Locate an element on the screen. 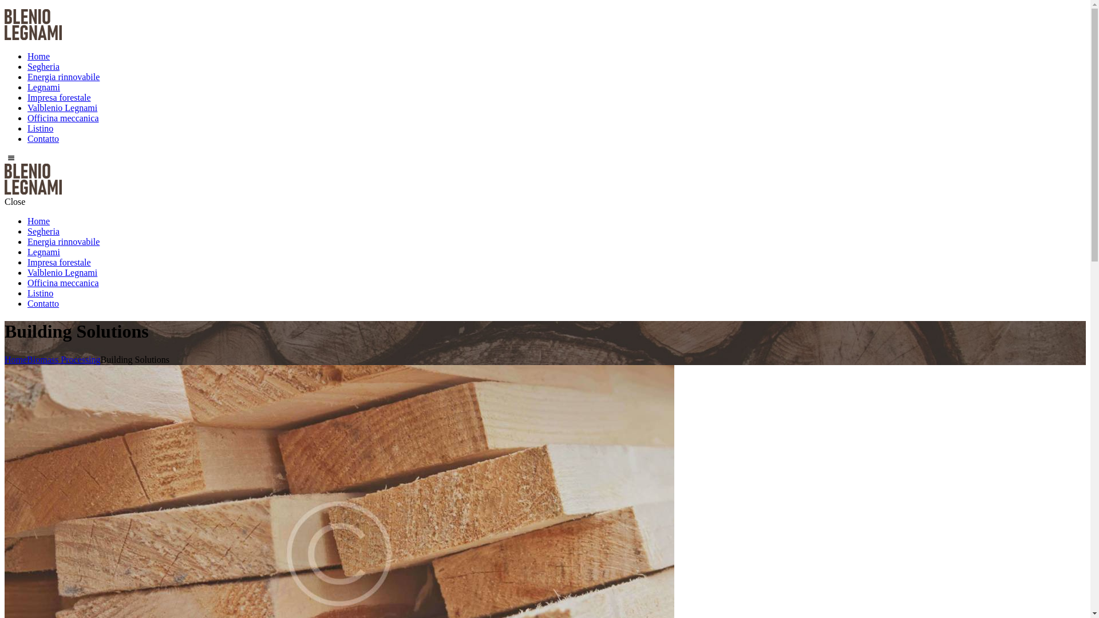  'Biomass Processing' is located at coordinates (27, 359).